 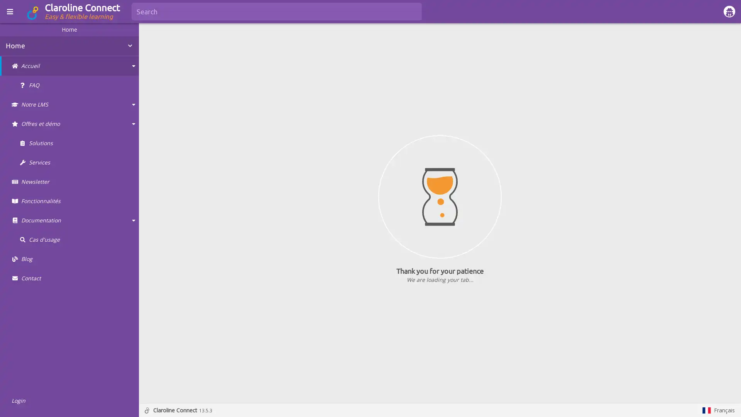 What do you see at coordinates (133, 104) in the screenshot?
I see `Collapse` at bounding box center [133, 104].